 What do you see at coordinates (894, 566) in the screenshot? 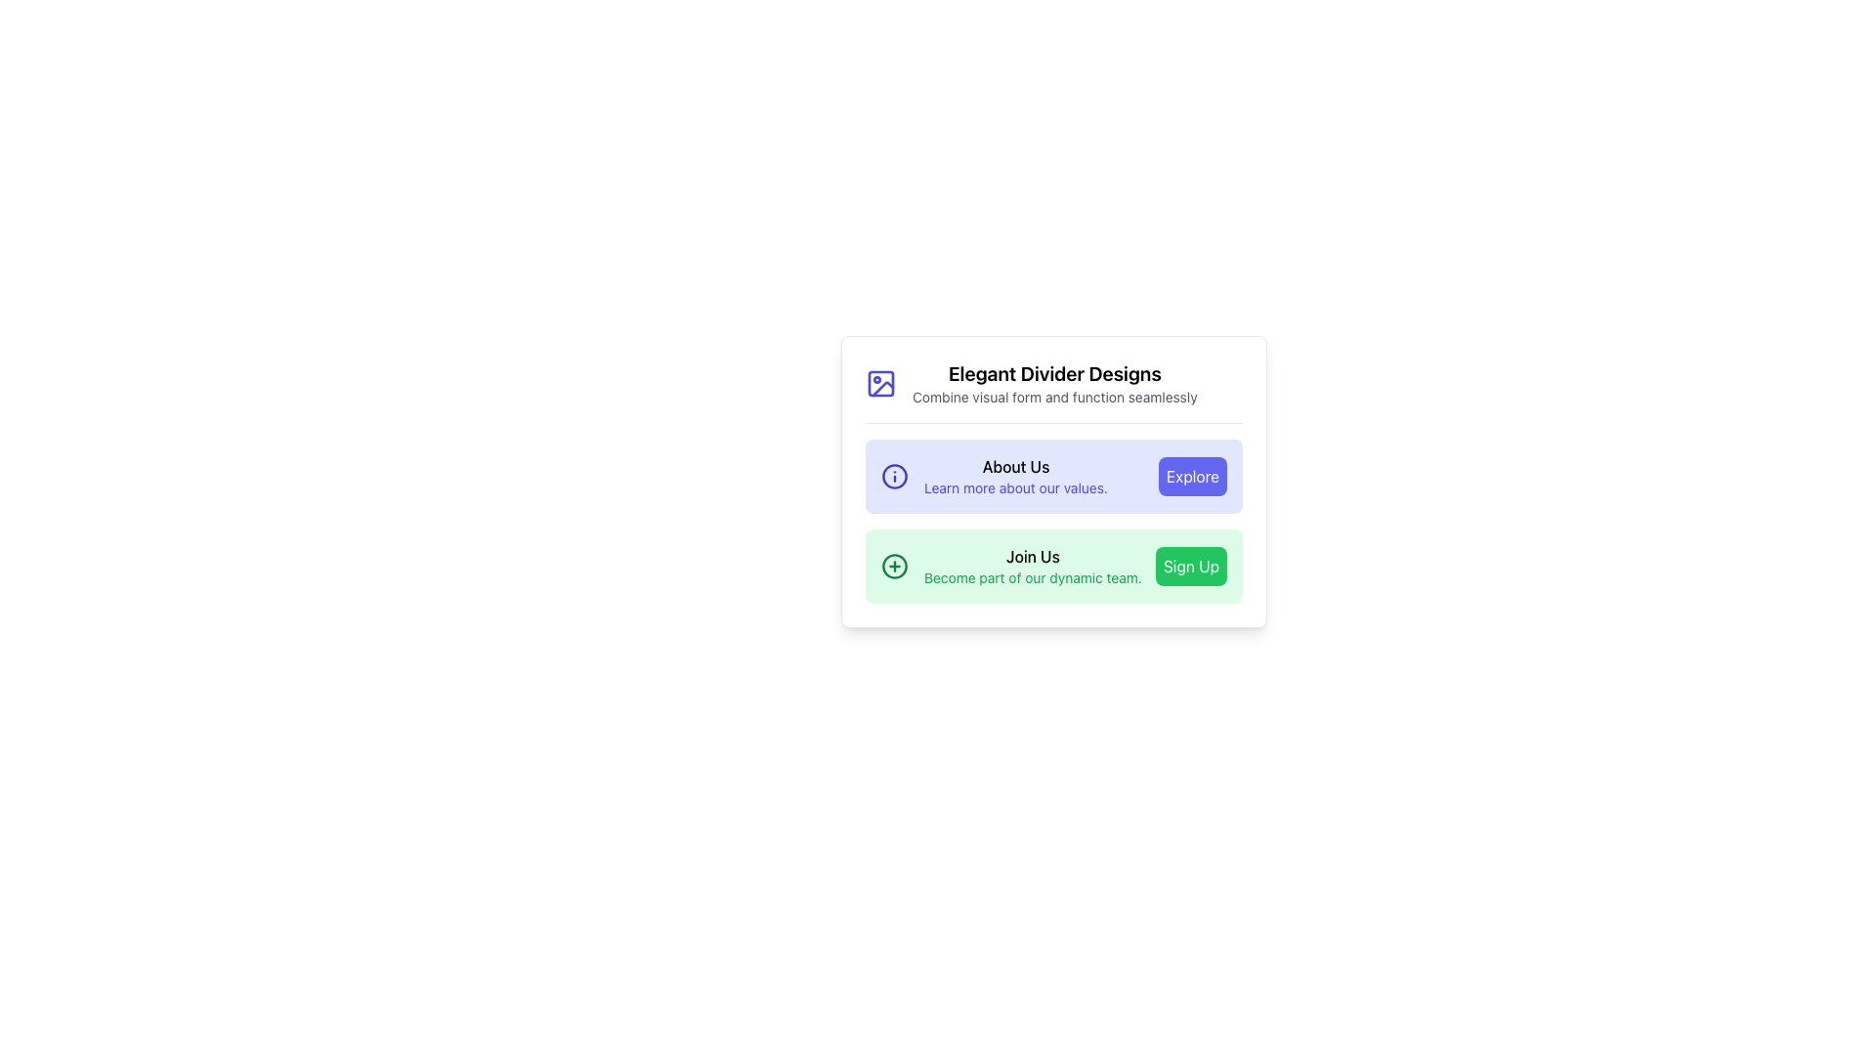
I see `the Circle graphic element that is part of the icon next to the 'Join Us' button, enhancing its recognizability and aesthetic appeal` at bounding box center [894, 566].